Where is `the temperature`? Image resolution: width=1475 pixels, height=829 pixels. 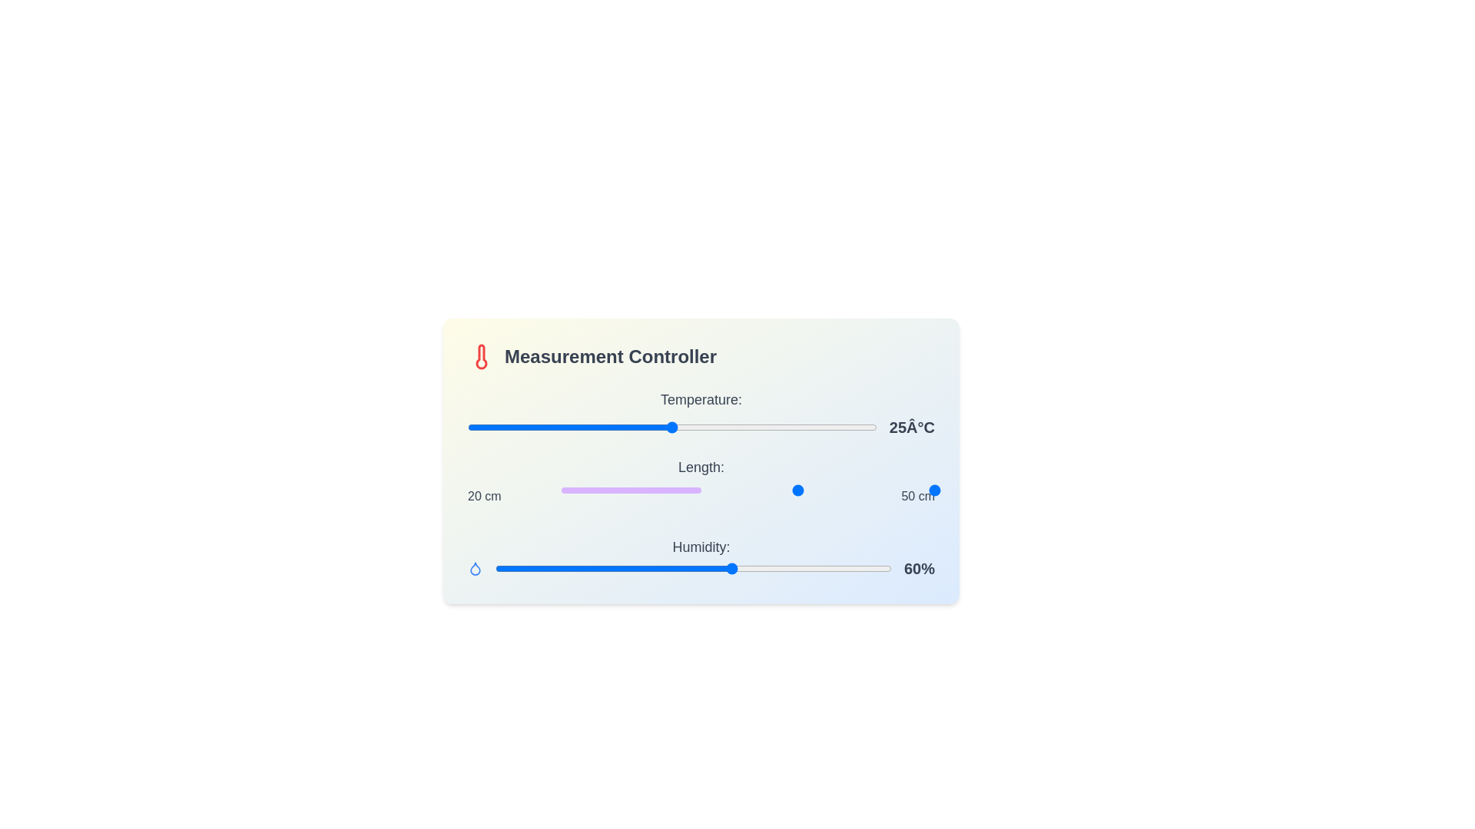
the temperature is located at coordinates (475, 427).